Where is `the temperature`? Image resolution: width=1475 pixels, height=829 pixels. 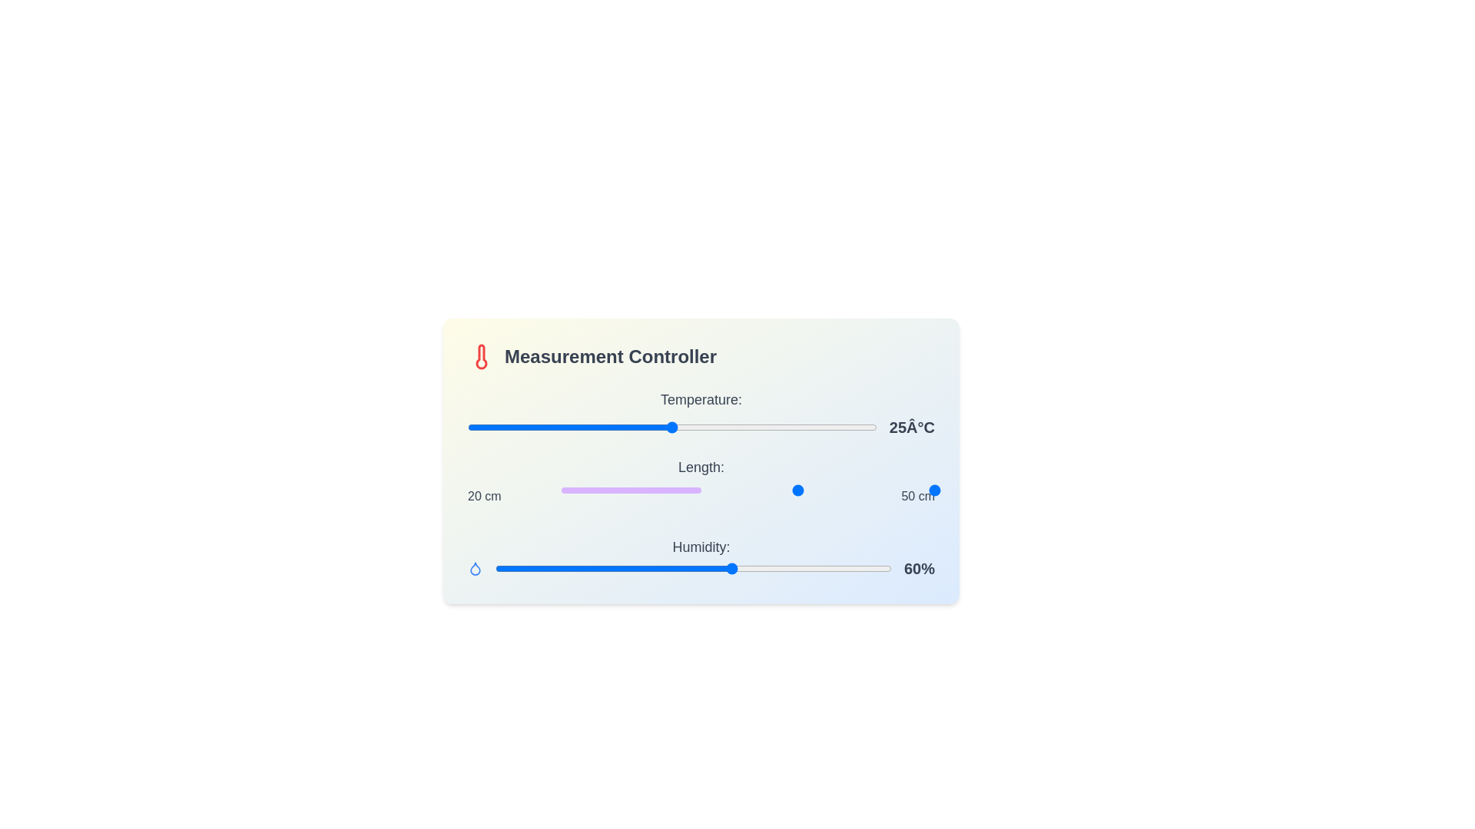
the temperature is located at coordinates (475, 427).